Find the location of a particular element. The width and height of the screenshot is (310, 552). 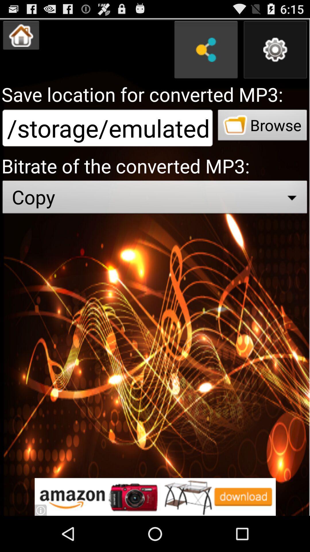

share the converted mp3 is located at coordinates (206, 50).